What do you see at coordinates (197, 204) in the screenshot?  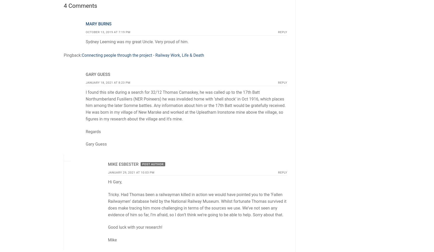 I see `'Tricky. Had Thomas been a railwayman killed in action we would have pointed you to the ‘Fallen Railwaymen’ database held by the National Railway Museum. Whilst fortunate Thomas survived it does make tracing him more challenging in terms of the sources we use. We’ve not seen any evidence of him so far, I’m afraid, so I don’t think we’re going to be able to help. Sorry about that.'` at bounding box center [197, 204].